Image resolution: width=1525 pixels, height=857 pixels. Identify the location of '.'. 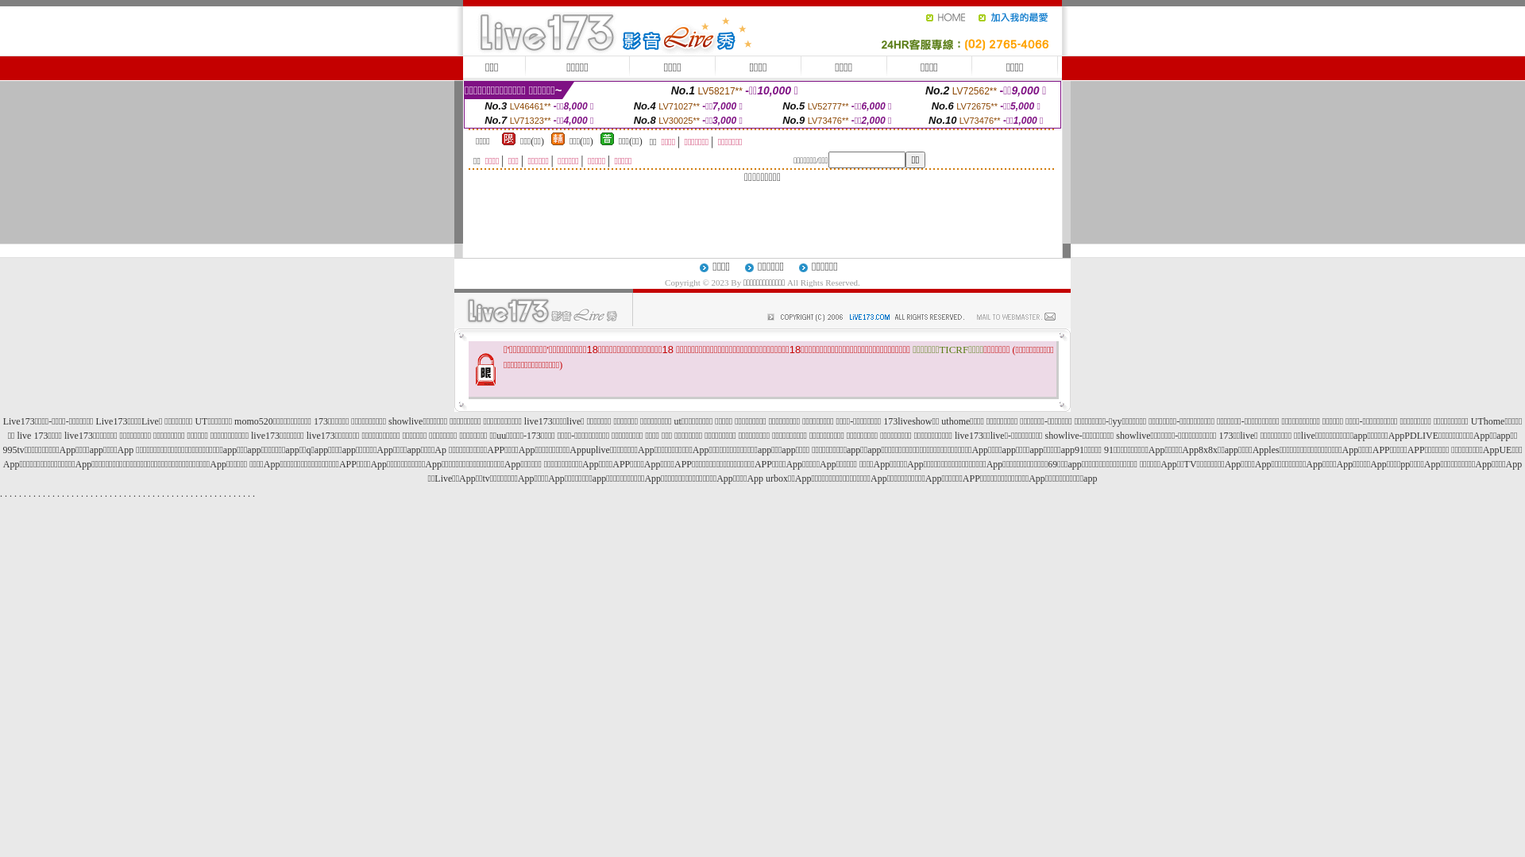
(58, 492).